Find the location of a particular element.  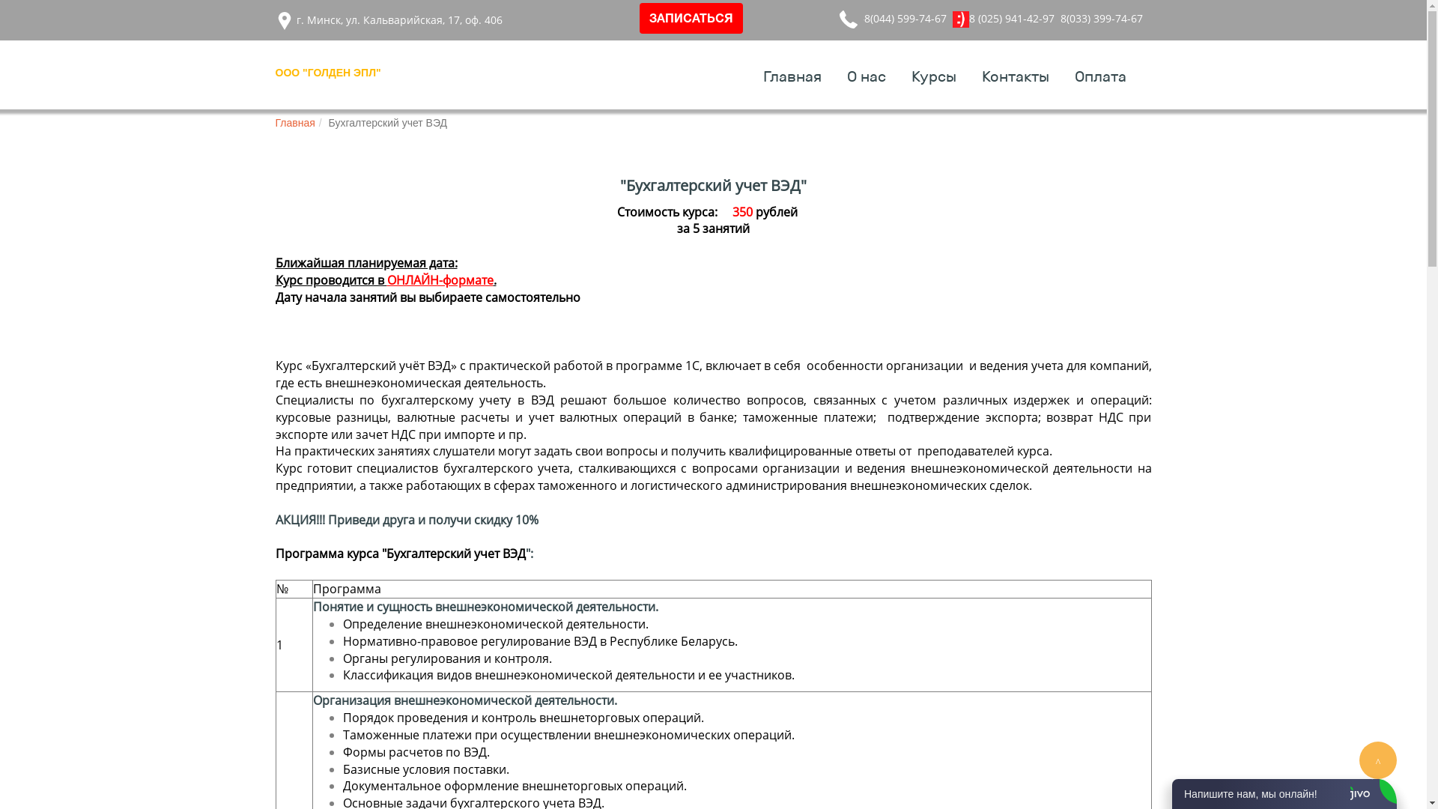

'^' is located at coordinates (1377, 760).